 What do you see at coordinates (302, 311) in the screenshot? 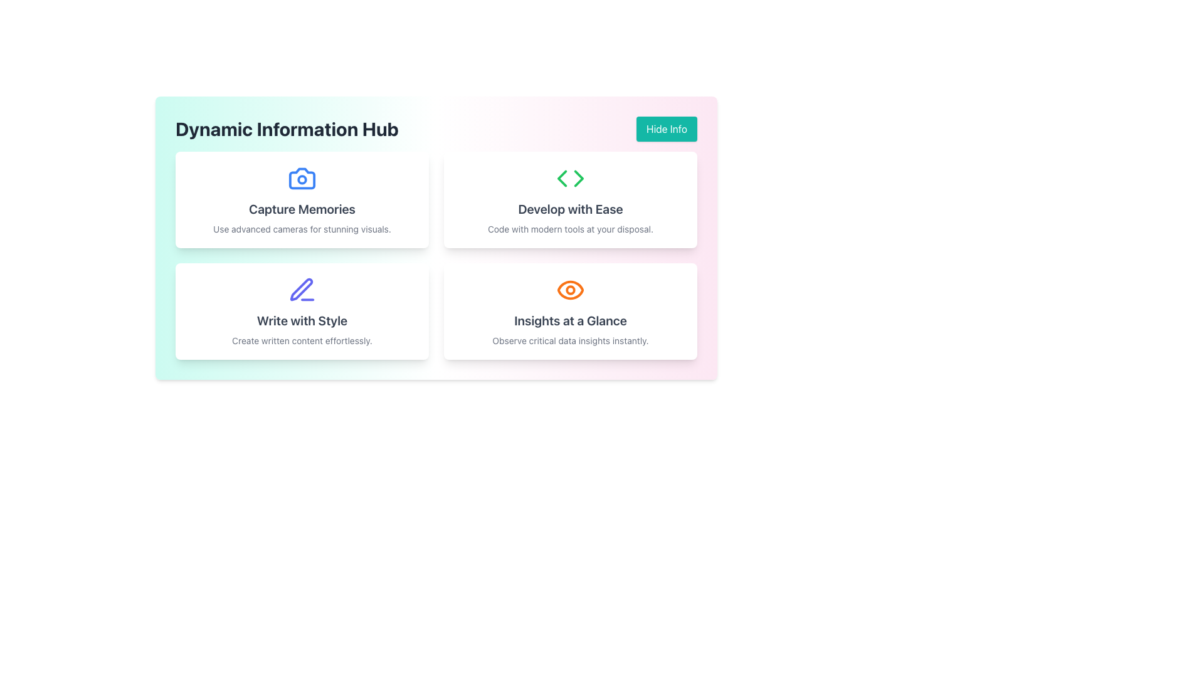
I see `the navigation card located in the lower-left section of the grid, positioned below 'Capture Memories' and to the left of 'Insights at a Glance'` at bounding box center [302, 311].